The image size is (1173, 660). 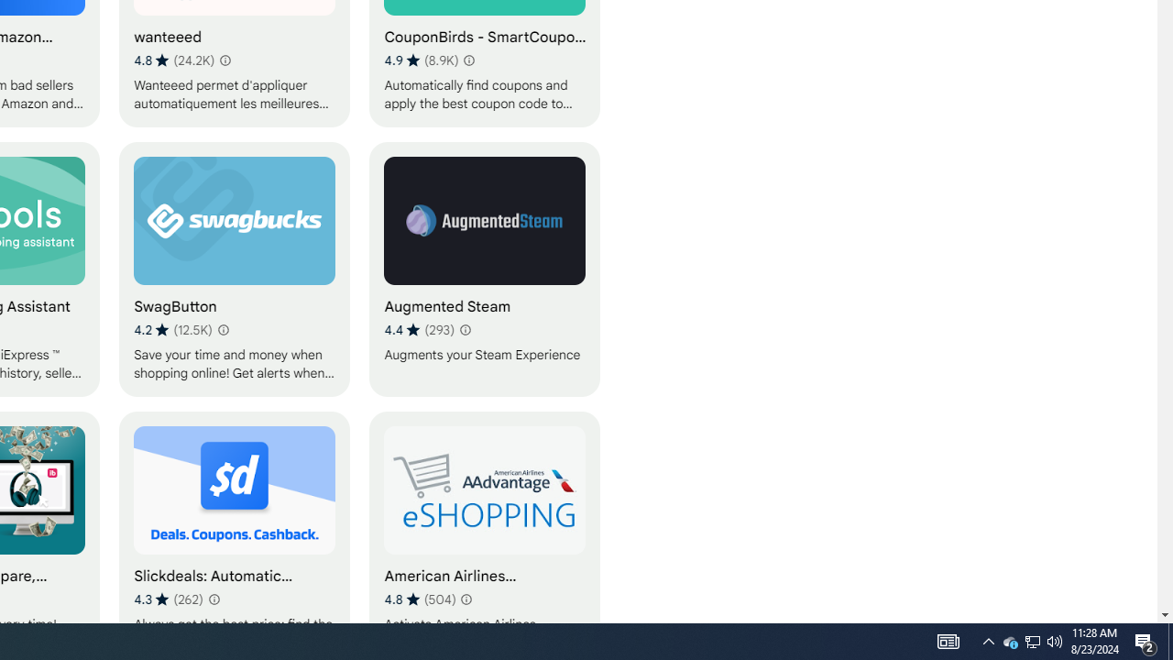 I want to click on 'Average rating 4.8 out of 5 stars. 24.2K ratings.', so click(x=174, y=60).